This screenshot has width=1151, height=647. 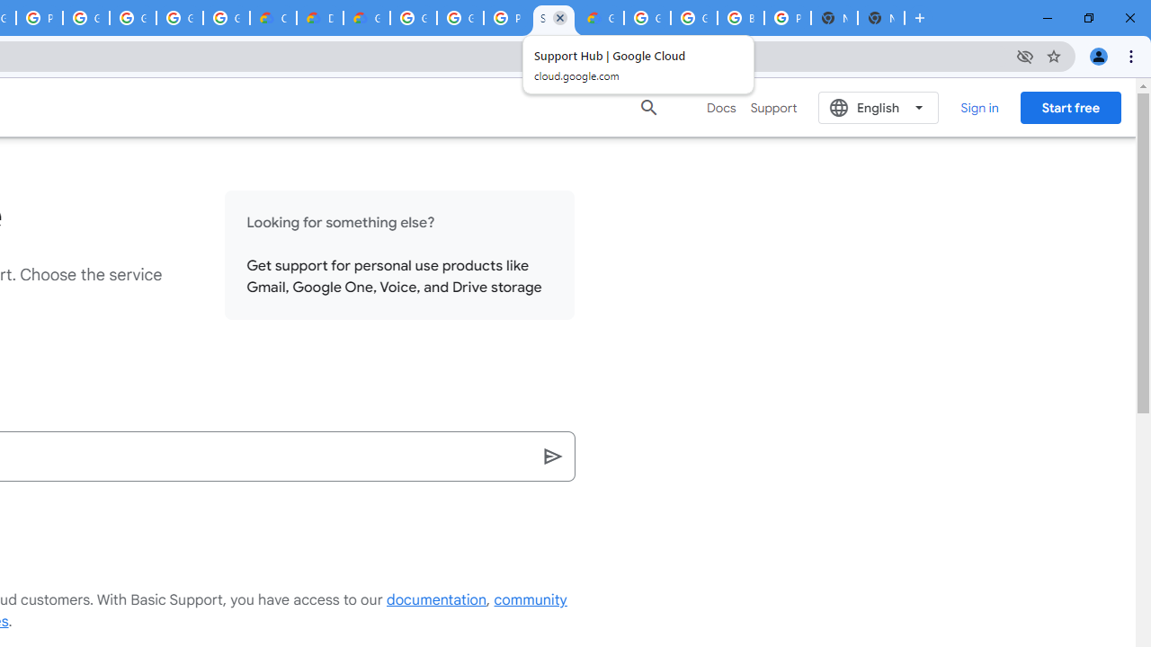 I want to click on 'Gemini for Business and Developers | Google Cloud', so click(x=365, y=18).